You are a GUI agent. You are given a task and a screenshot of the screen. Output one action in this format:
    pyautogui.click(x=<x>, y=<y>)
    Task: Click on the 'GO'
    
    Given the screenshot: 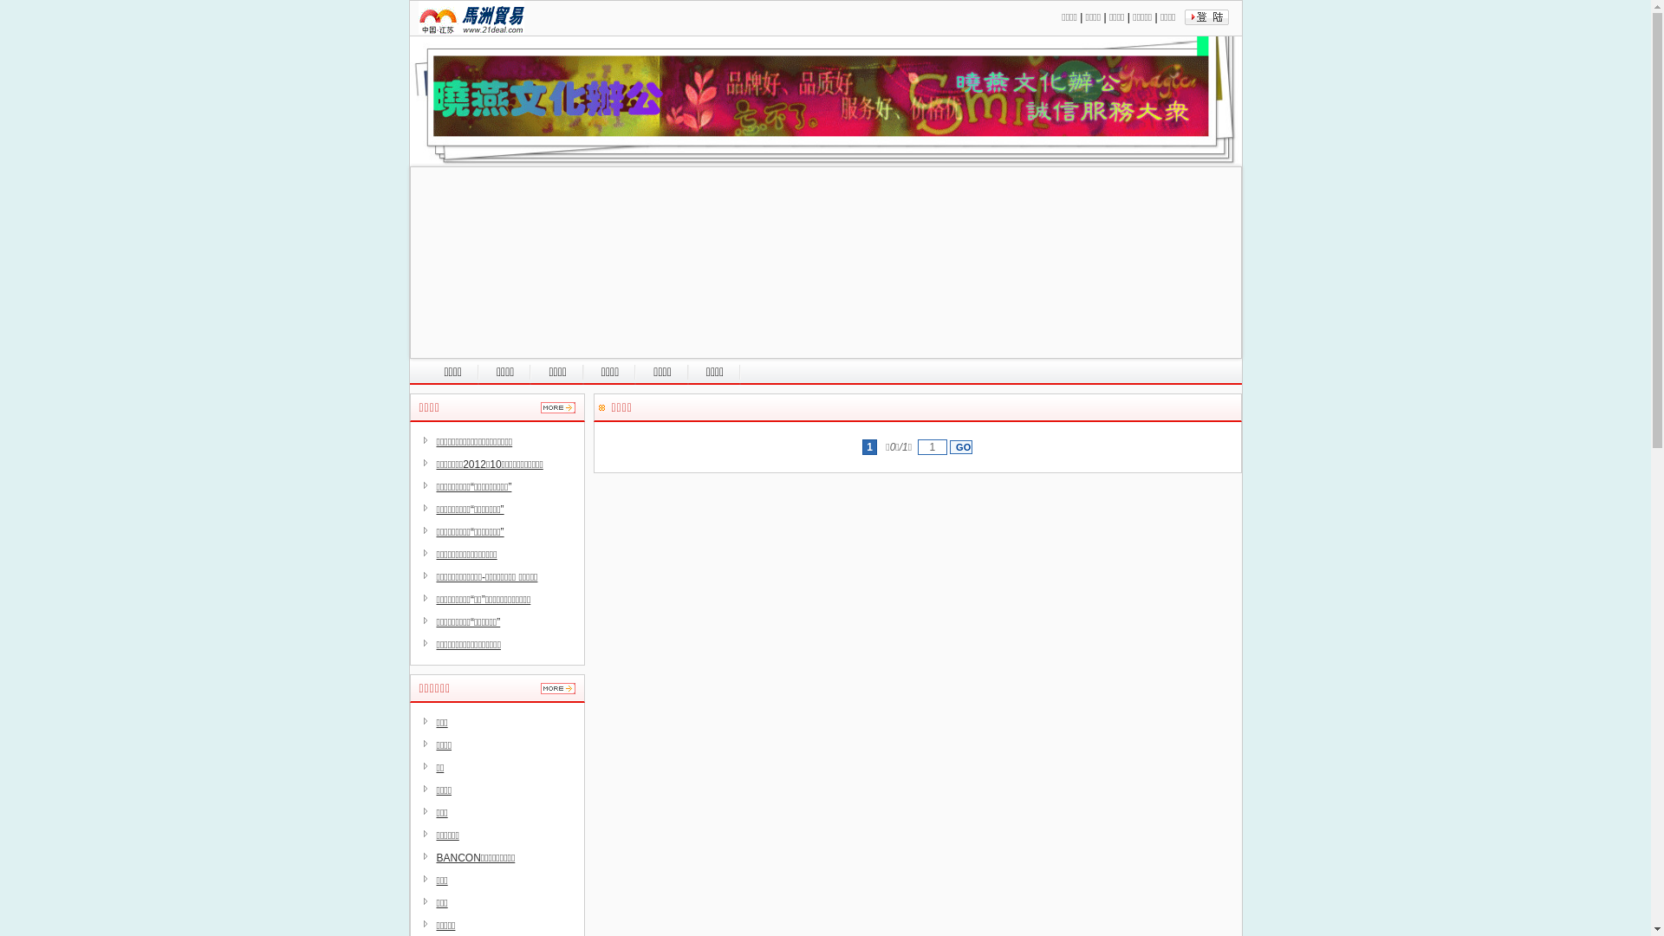 What is the action you would take?
    pyautogui.click(x=959, y=446)
    